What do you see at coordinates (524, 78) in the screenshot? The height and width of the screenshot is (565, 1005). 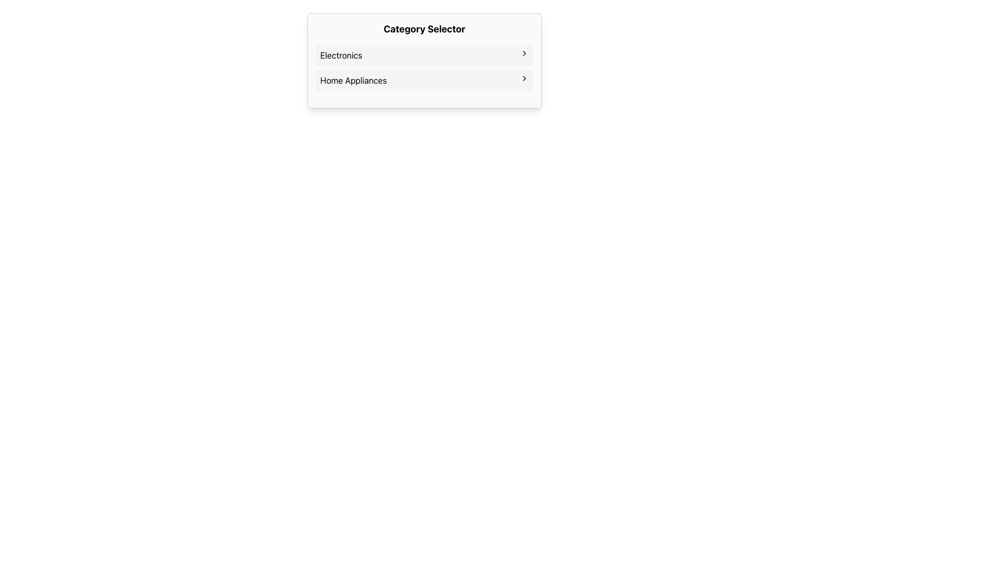 I see `the chevron icon located on the right side of the 'Home Appliances' menu item` at bounding box center [524, 78].